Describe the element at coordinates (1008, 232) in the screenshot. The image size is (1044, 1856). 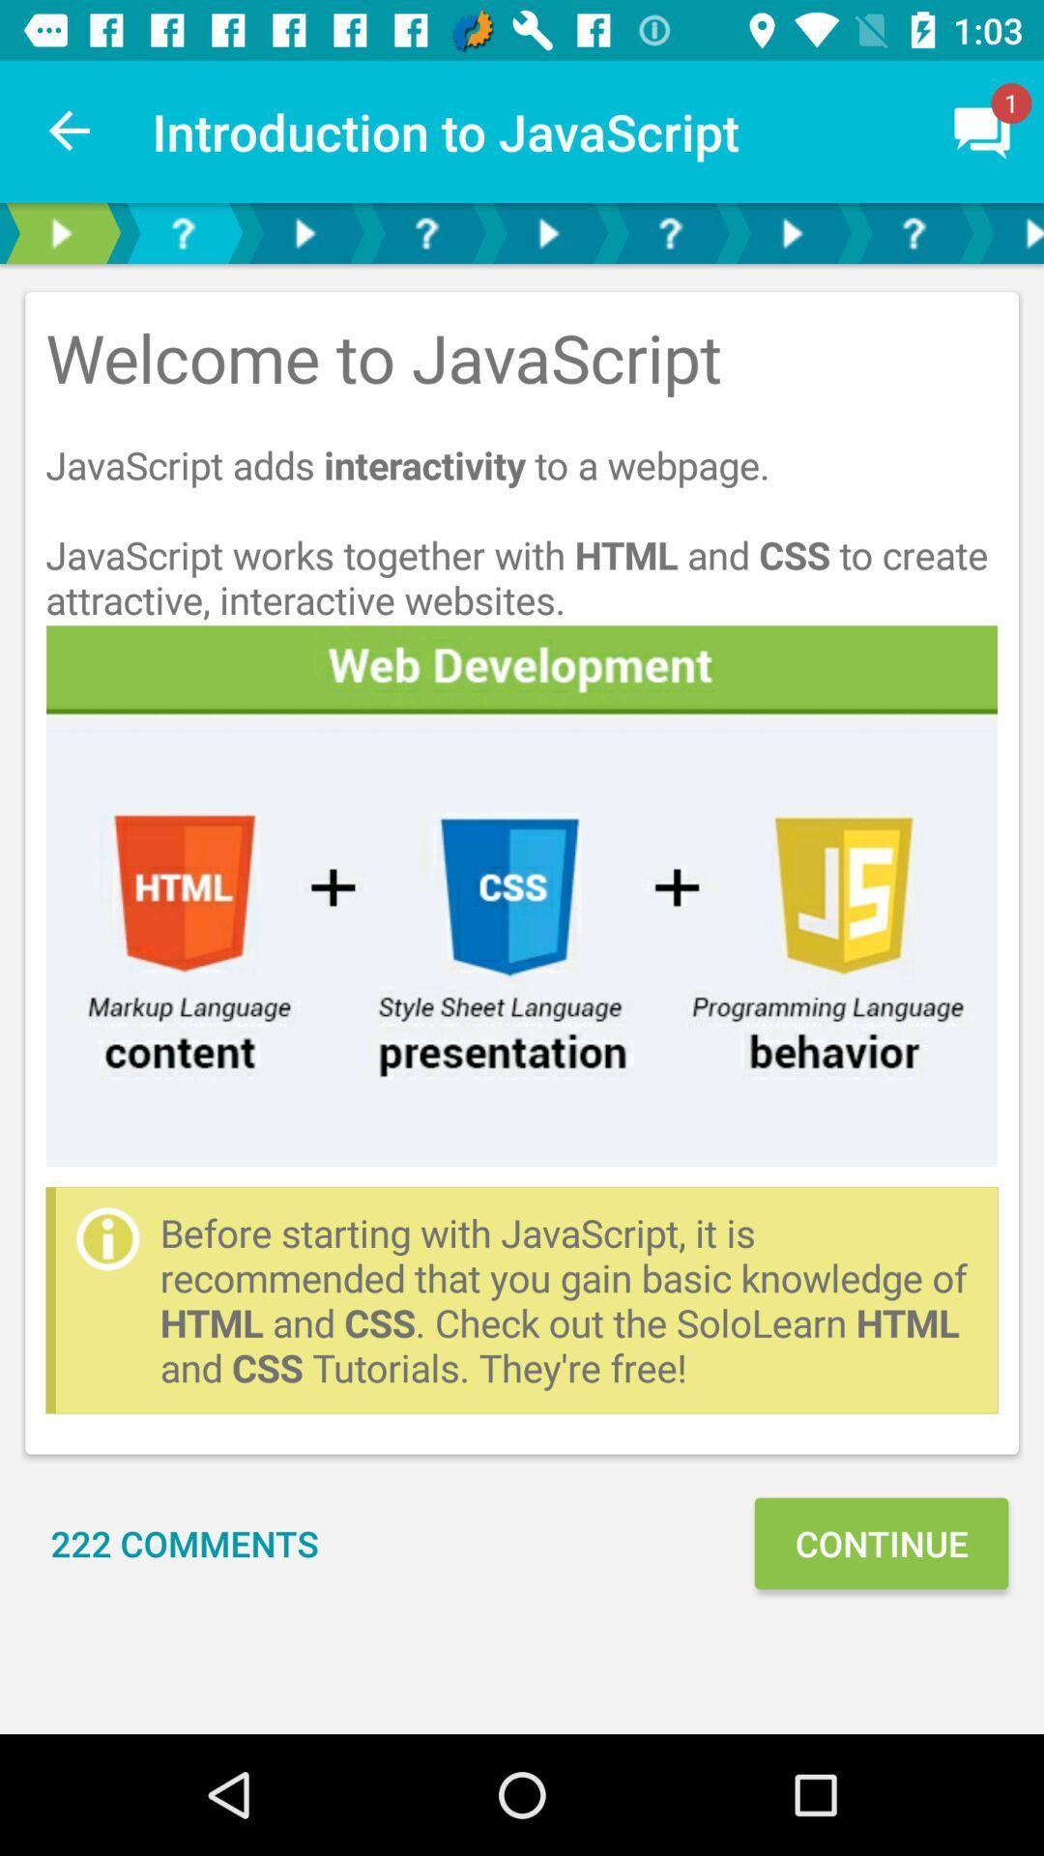
I see `more options` at that location.